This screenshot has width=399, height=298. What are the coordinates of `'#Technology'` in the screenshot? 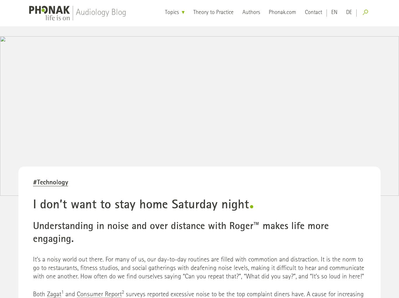 It's located at (33, 183).